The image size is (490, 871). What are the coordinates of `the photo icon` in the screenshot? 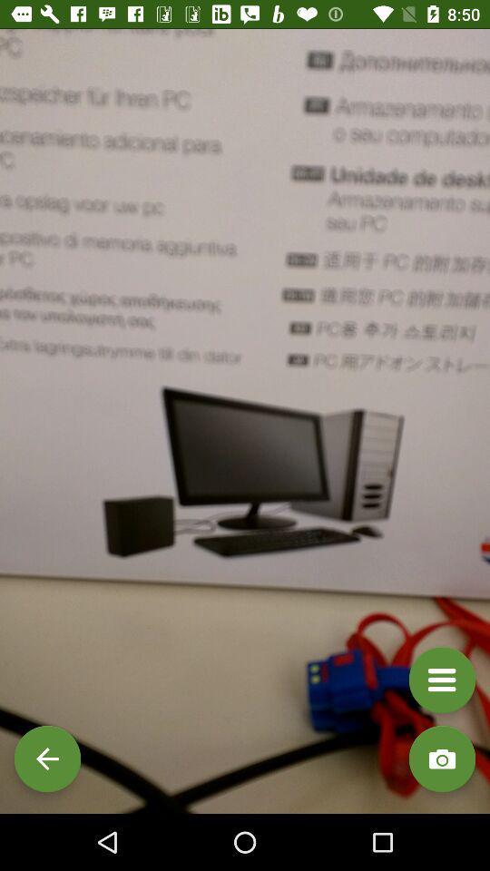 It's located at (441, 758).